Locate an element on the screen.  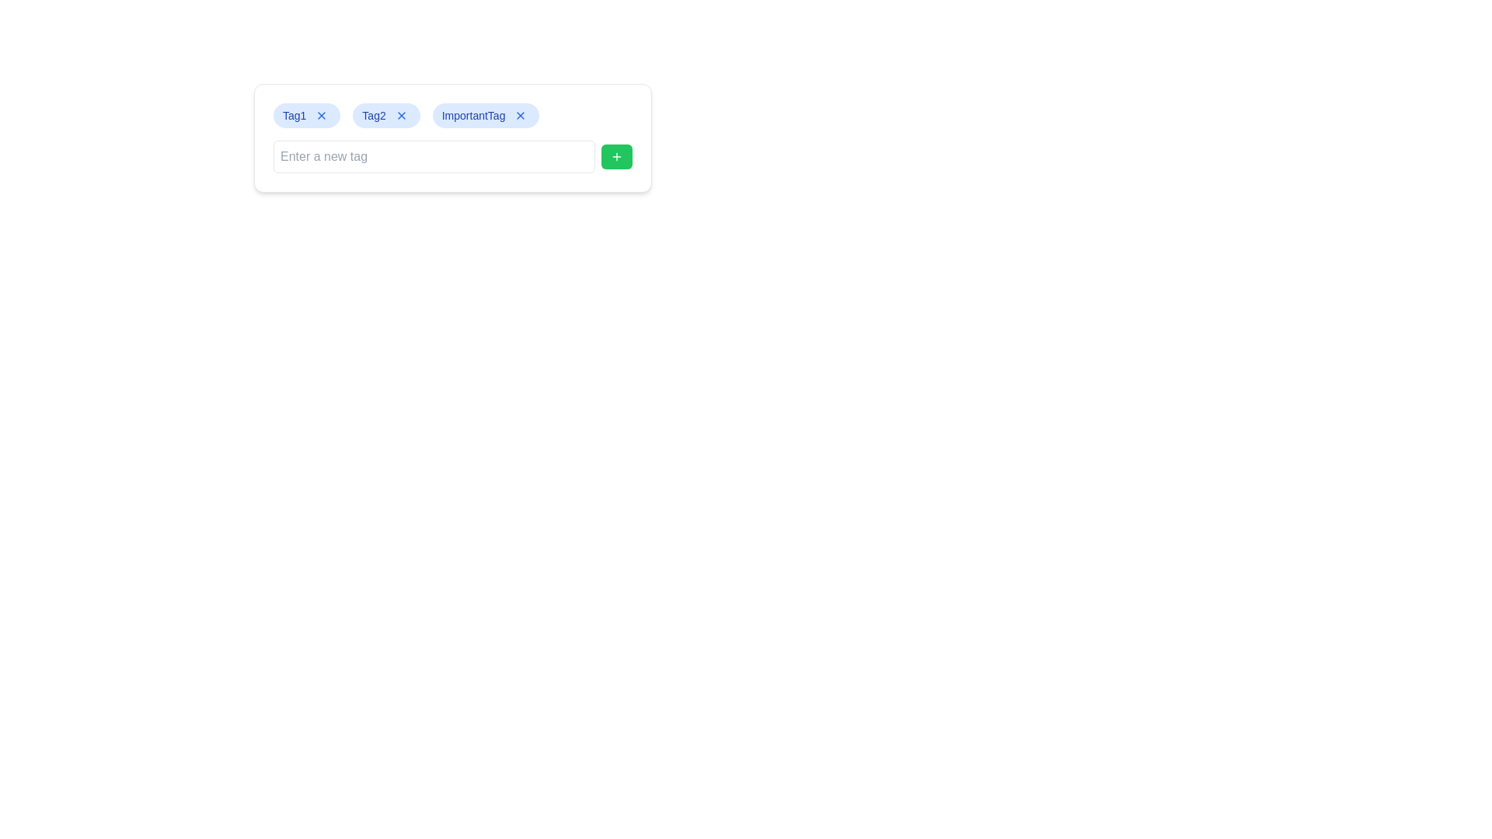
the small blue 'x' icon close button, located within 'Tag1' is located at coordinates (321, 115).